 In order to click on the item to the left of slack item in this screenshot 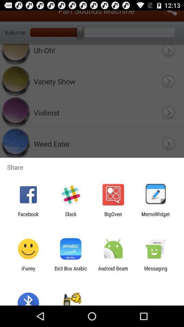, I will do `click(28, 217)`.